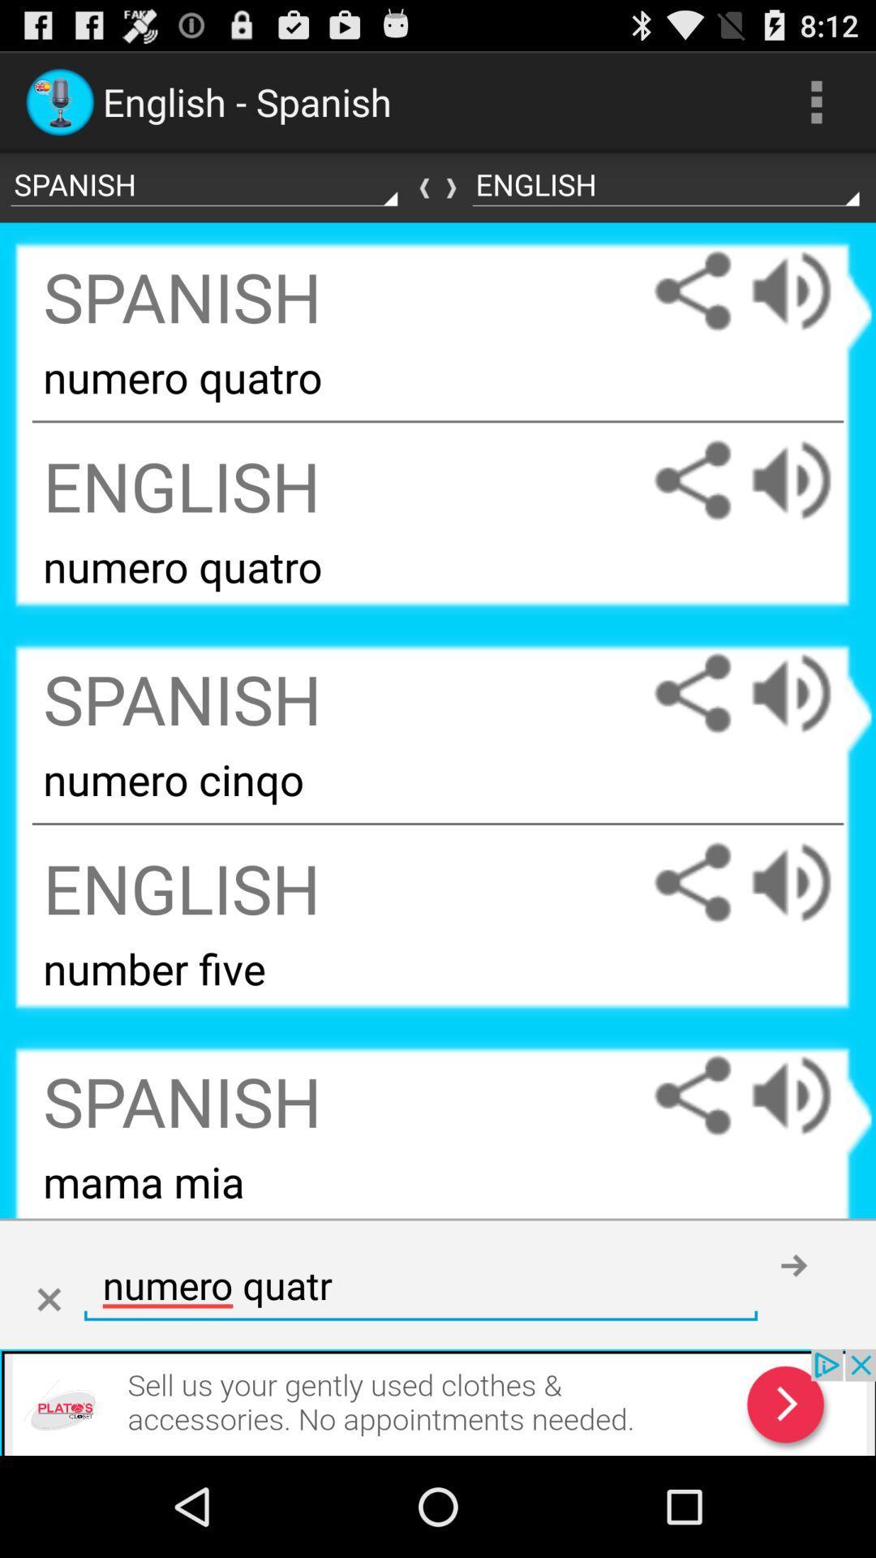 The image size is (876, 1558). I want to click on sound on/off, so click(807, 1095).